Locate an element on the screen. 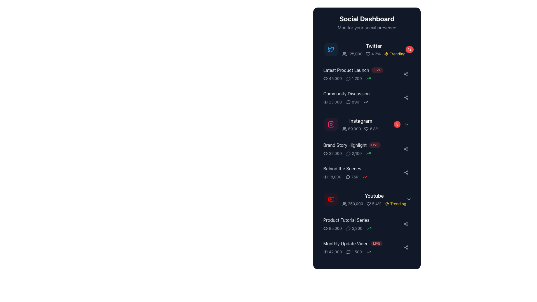 This screenshot has width=537, height=302. the Instagram statistics text label with the pink-red Instagram logo icon, which is the third item in the vertically arranged dashboard is located at coordinates (361, 124).